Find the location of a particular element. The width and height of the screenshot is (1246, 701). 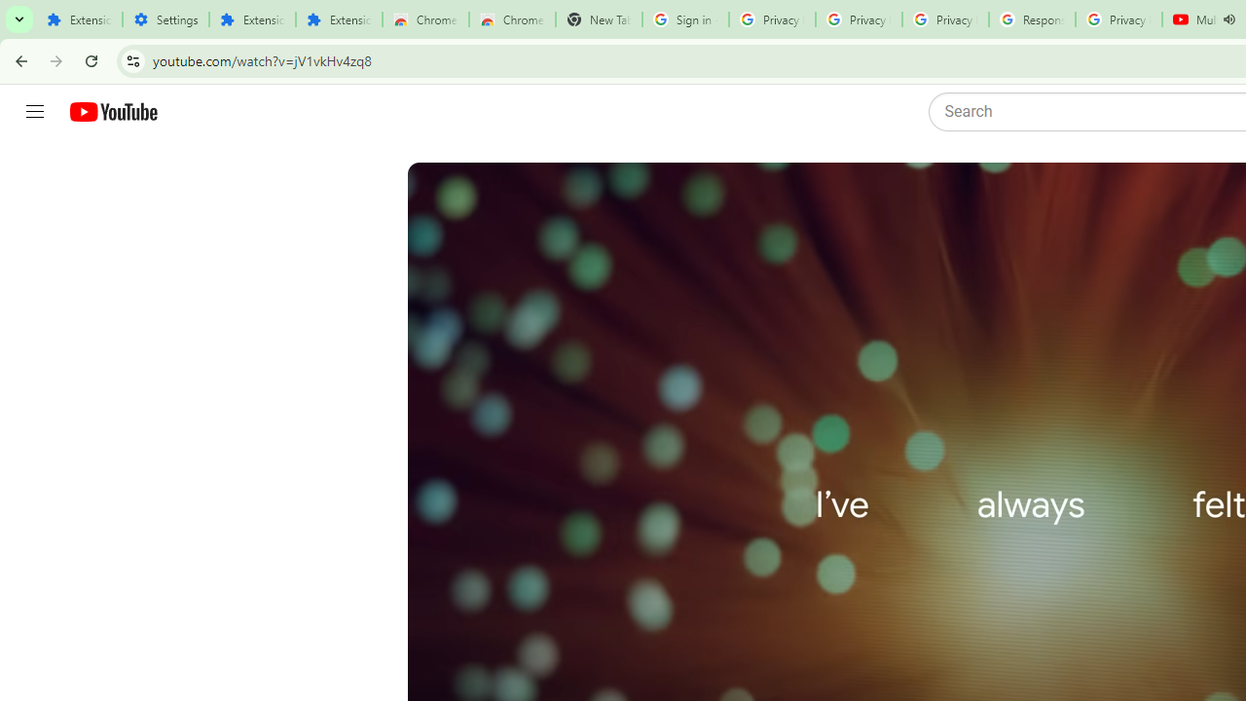

'YouTube Home' is located at coordinates (112, 112).